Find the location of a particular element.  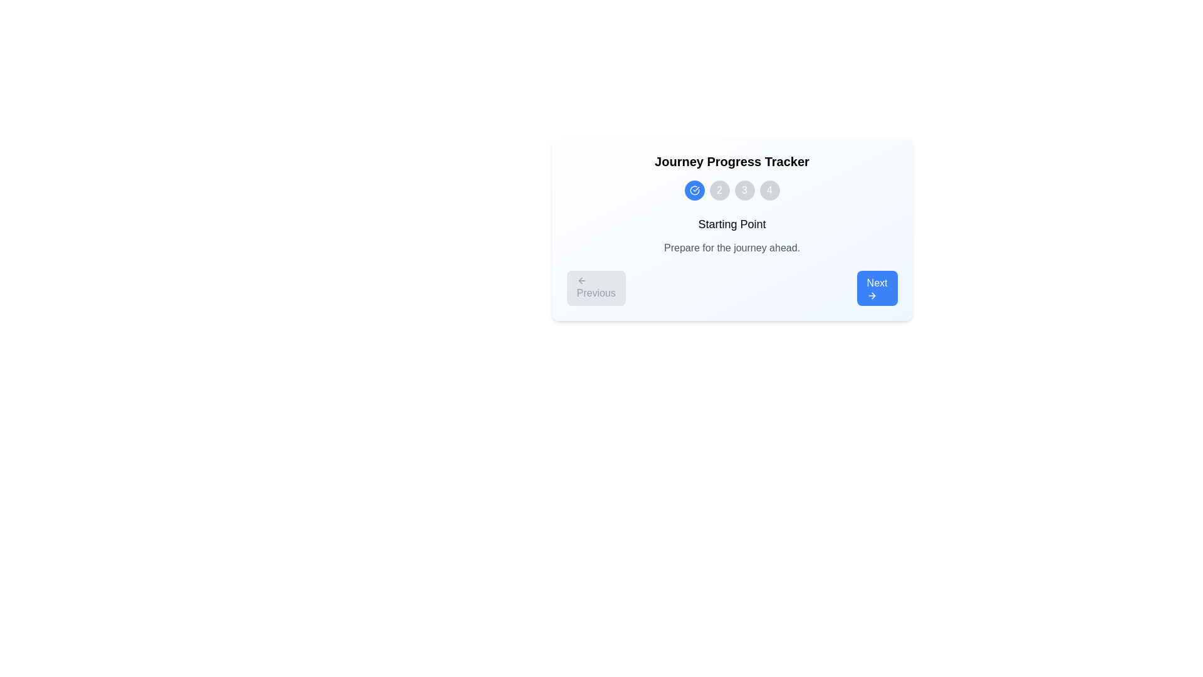

the 'Starting Point' text label, which is a bold and larger font heading positioned centrally above the description text 'Prepare for the journey ahead.' is located at coordinates (732, 224).